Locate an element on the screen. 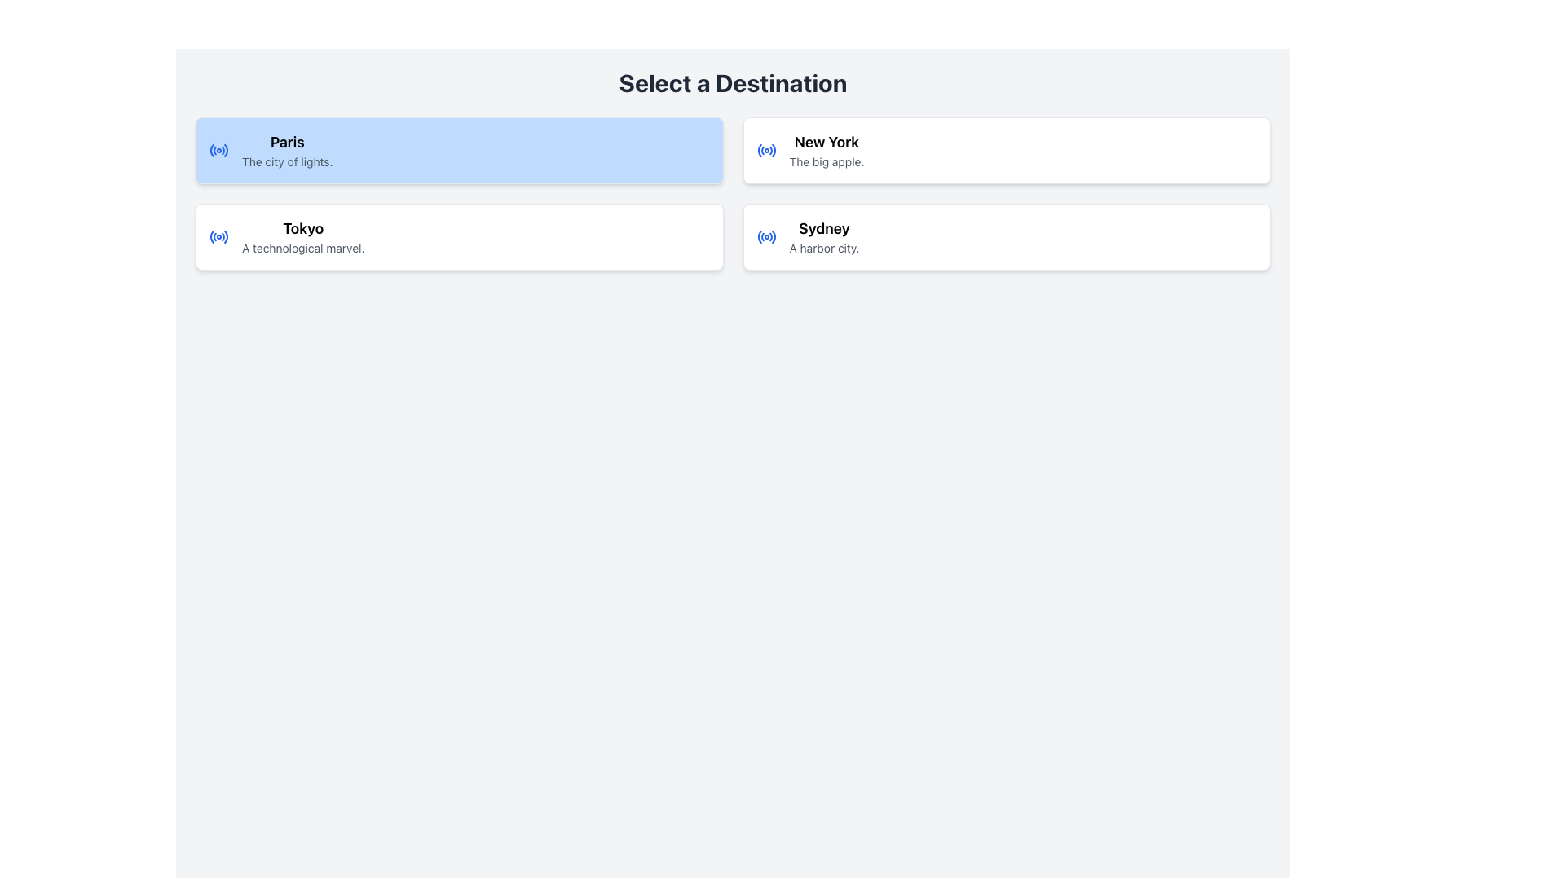  the Card Component representing the city Paris is located at coordinates (458, 151).